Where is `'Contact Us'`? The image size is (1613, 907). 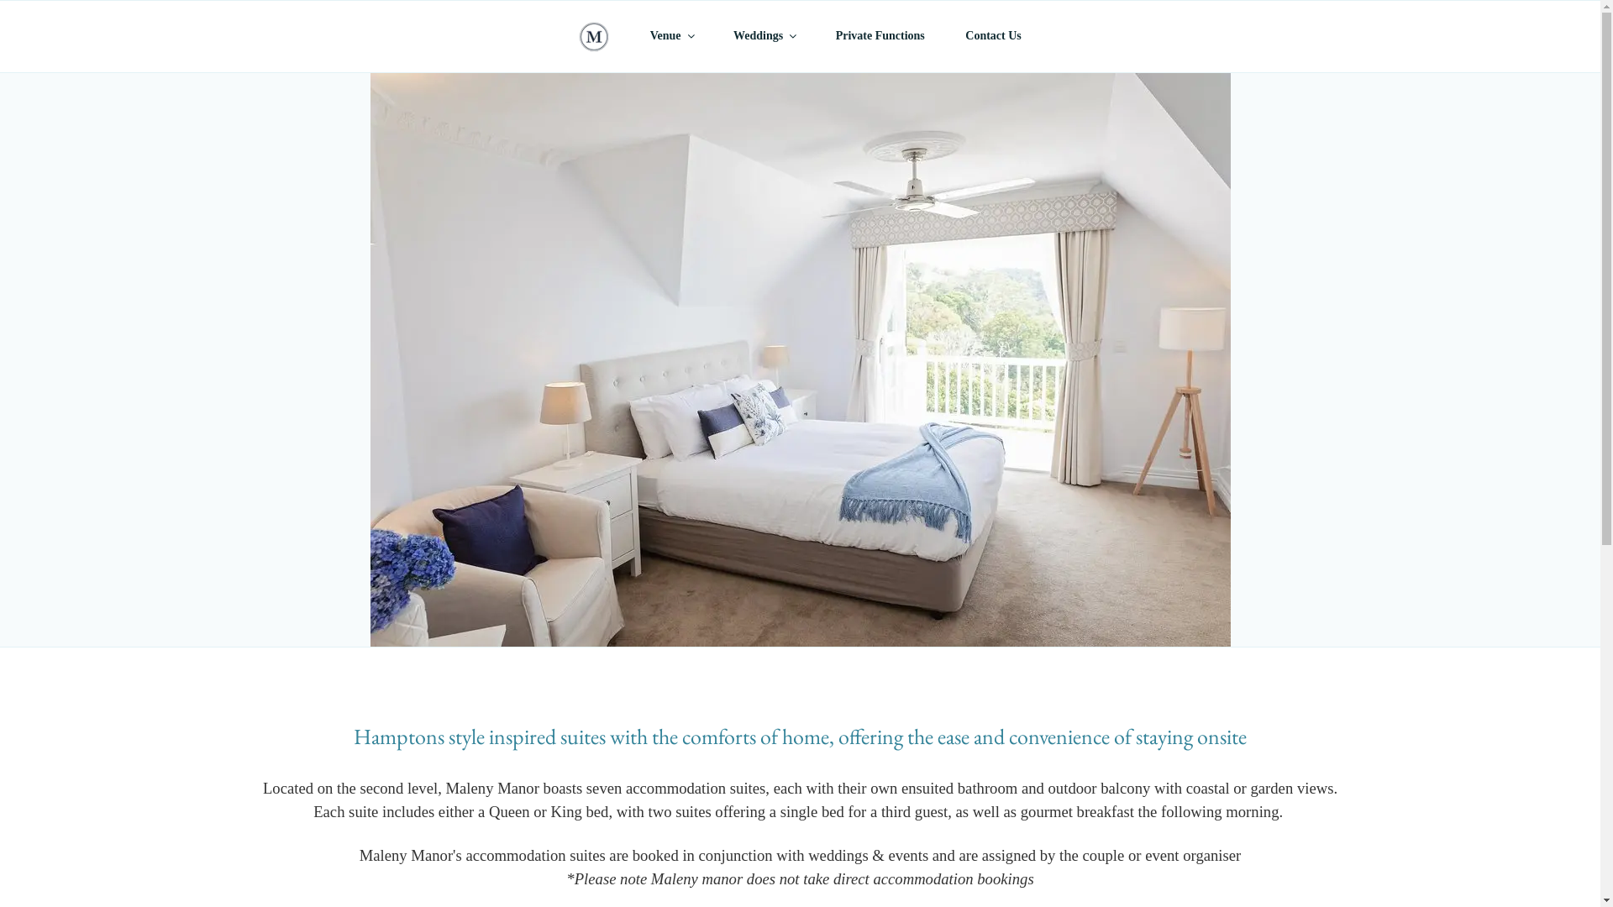 'Contact Us' is located at coordinates (943, 35).